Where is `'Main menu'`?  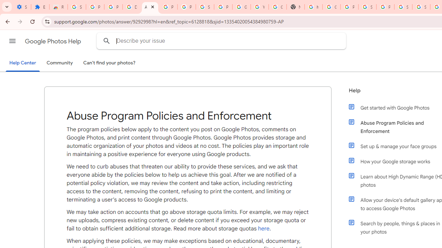
'Main menu' is located at coordinates (12, 41).